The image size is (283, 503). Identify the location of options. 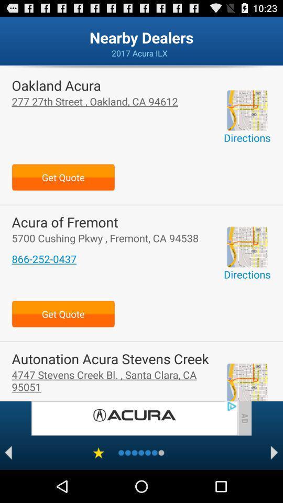
(99, 452).